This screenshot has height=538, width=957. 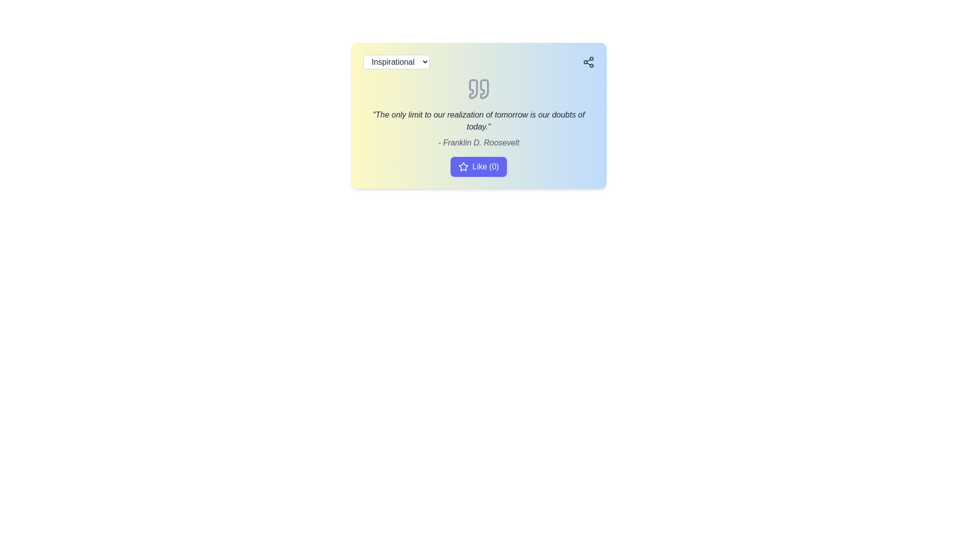 I want to click on the decorative star icon located to the left of the 'Like (0)' button, which may indicate a rating or favorite status, so click(x=463, y=166).